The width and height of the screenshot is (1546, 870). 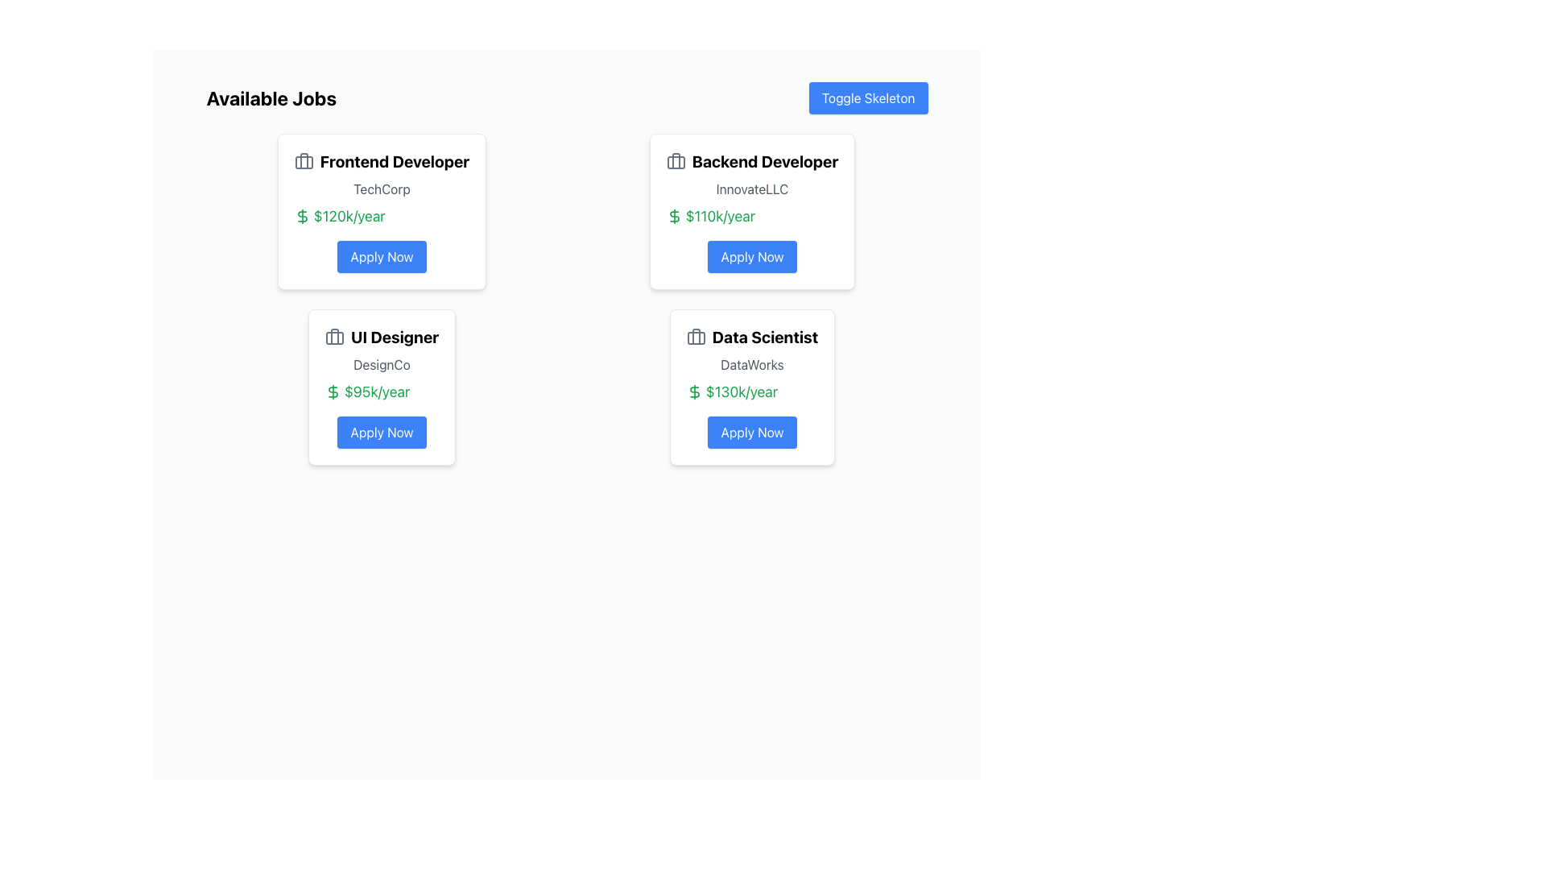 What do you see at coordinates (751, 161) in the screenshot?
I see `the text label 'Backend Developer', which is prominently displayed in bold and large font in the top-right tile of the job postings grid, located just above the employer name 'InnovateLLC'` at bounding box center [751, 161].